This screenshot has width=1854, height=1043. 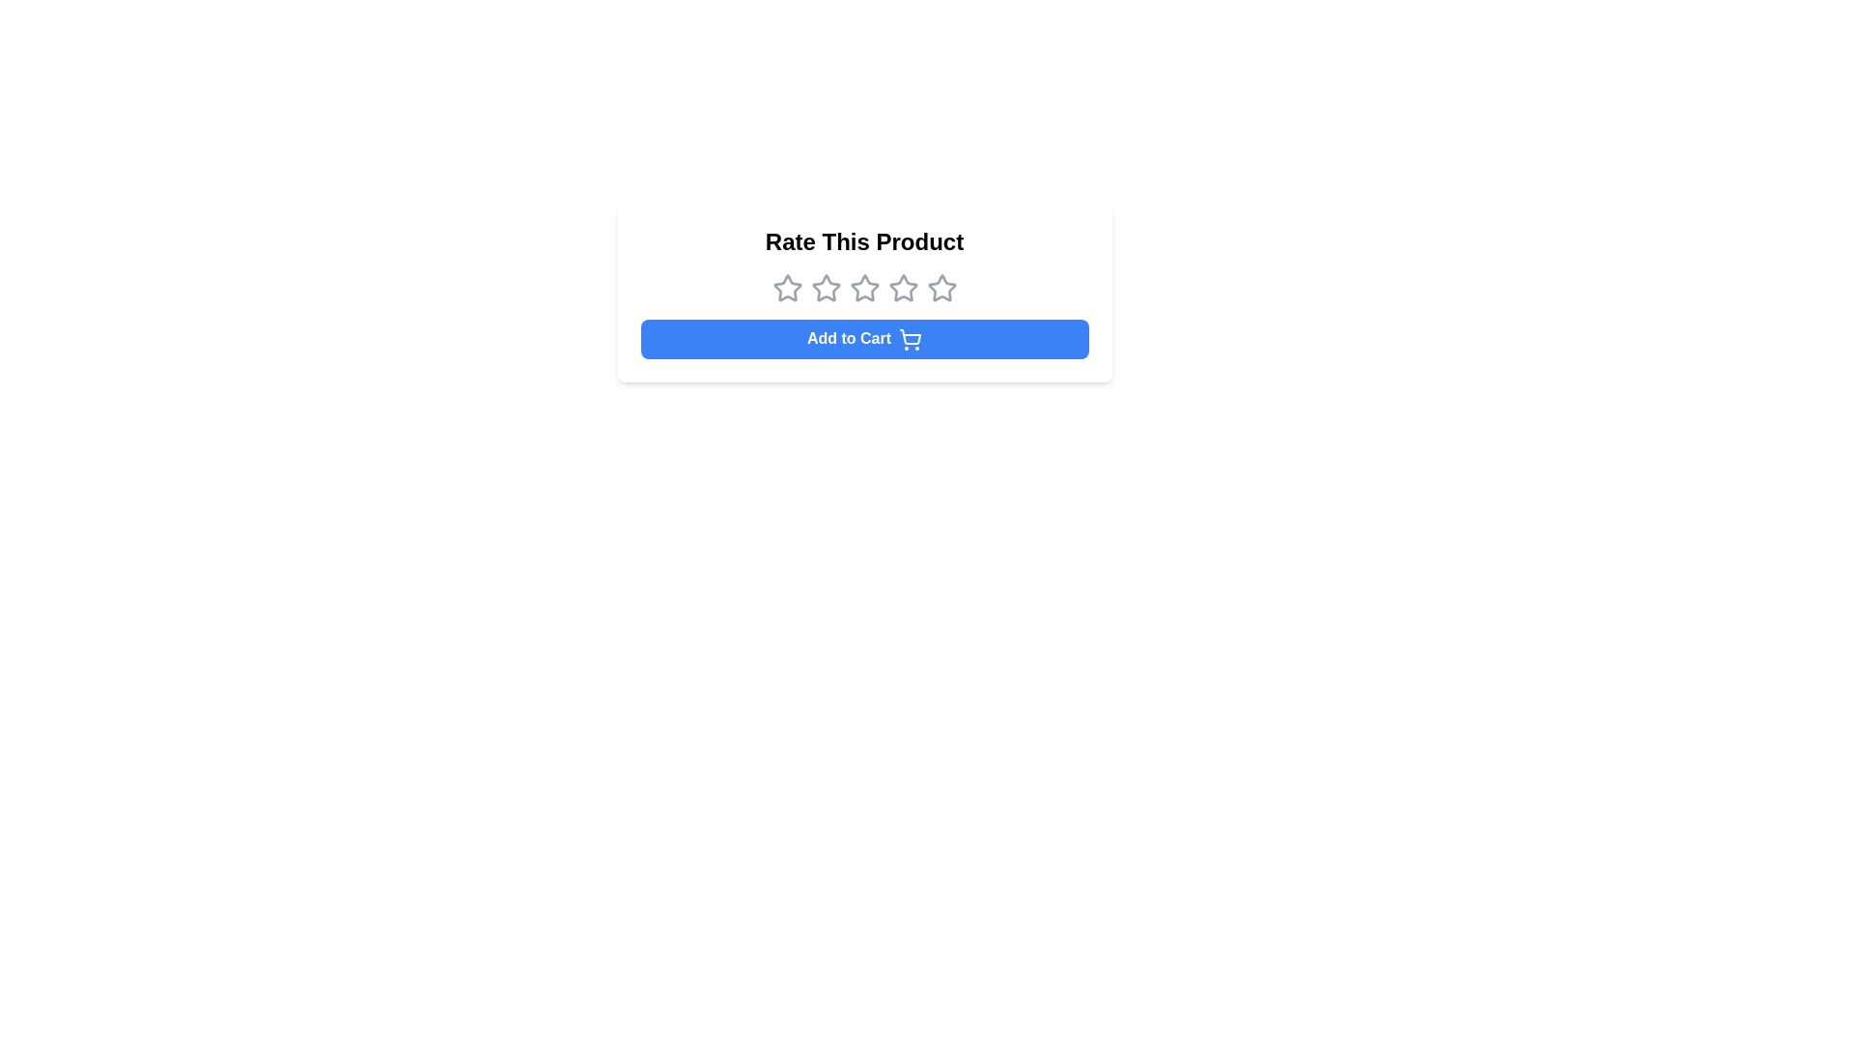 What do you see at coordinates (863, 289) in the screenshot?
I see `the hollow star icon styled in light gray, which is the third star in a horizontal list of five stars` at bounding box center [863, 289].